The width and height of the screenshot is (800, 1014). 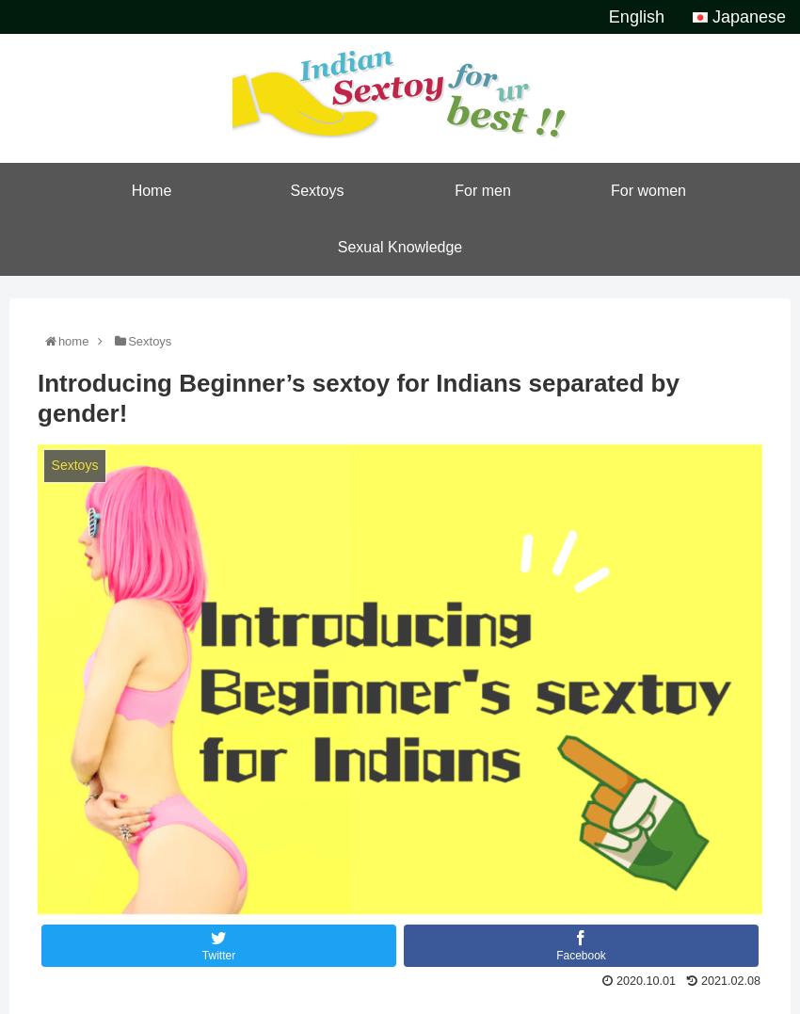 What do you see at coordinates (610, 189) in the screenshot?
I see `'For women'` at bounding box center [610, 189].